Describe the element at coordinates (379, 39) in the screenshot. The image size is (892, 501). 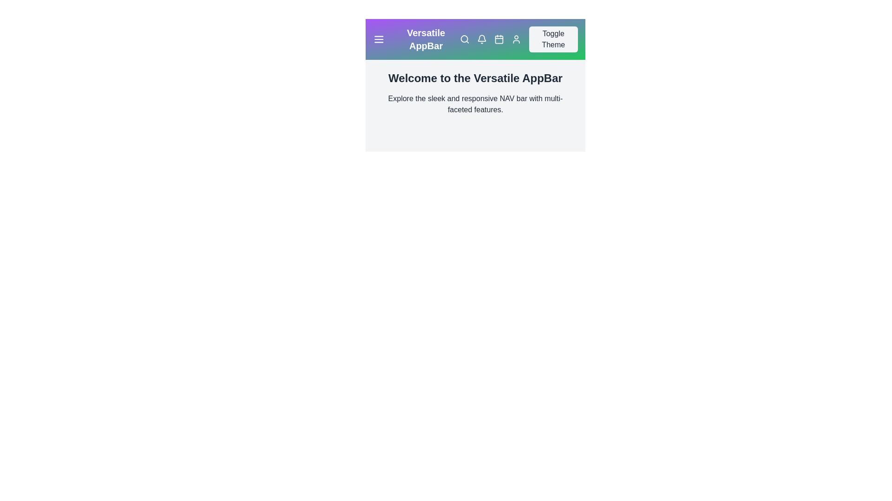
I see `the menu icon to open the menu` at that location.